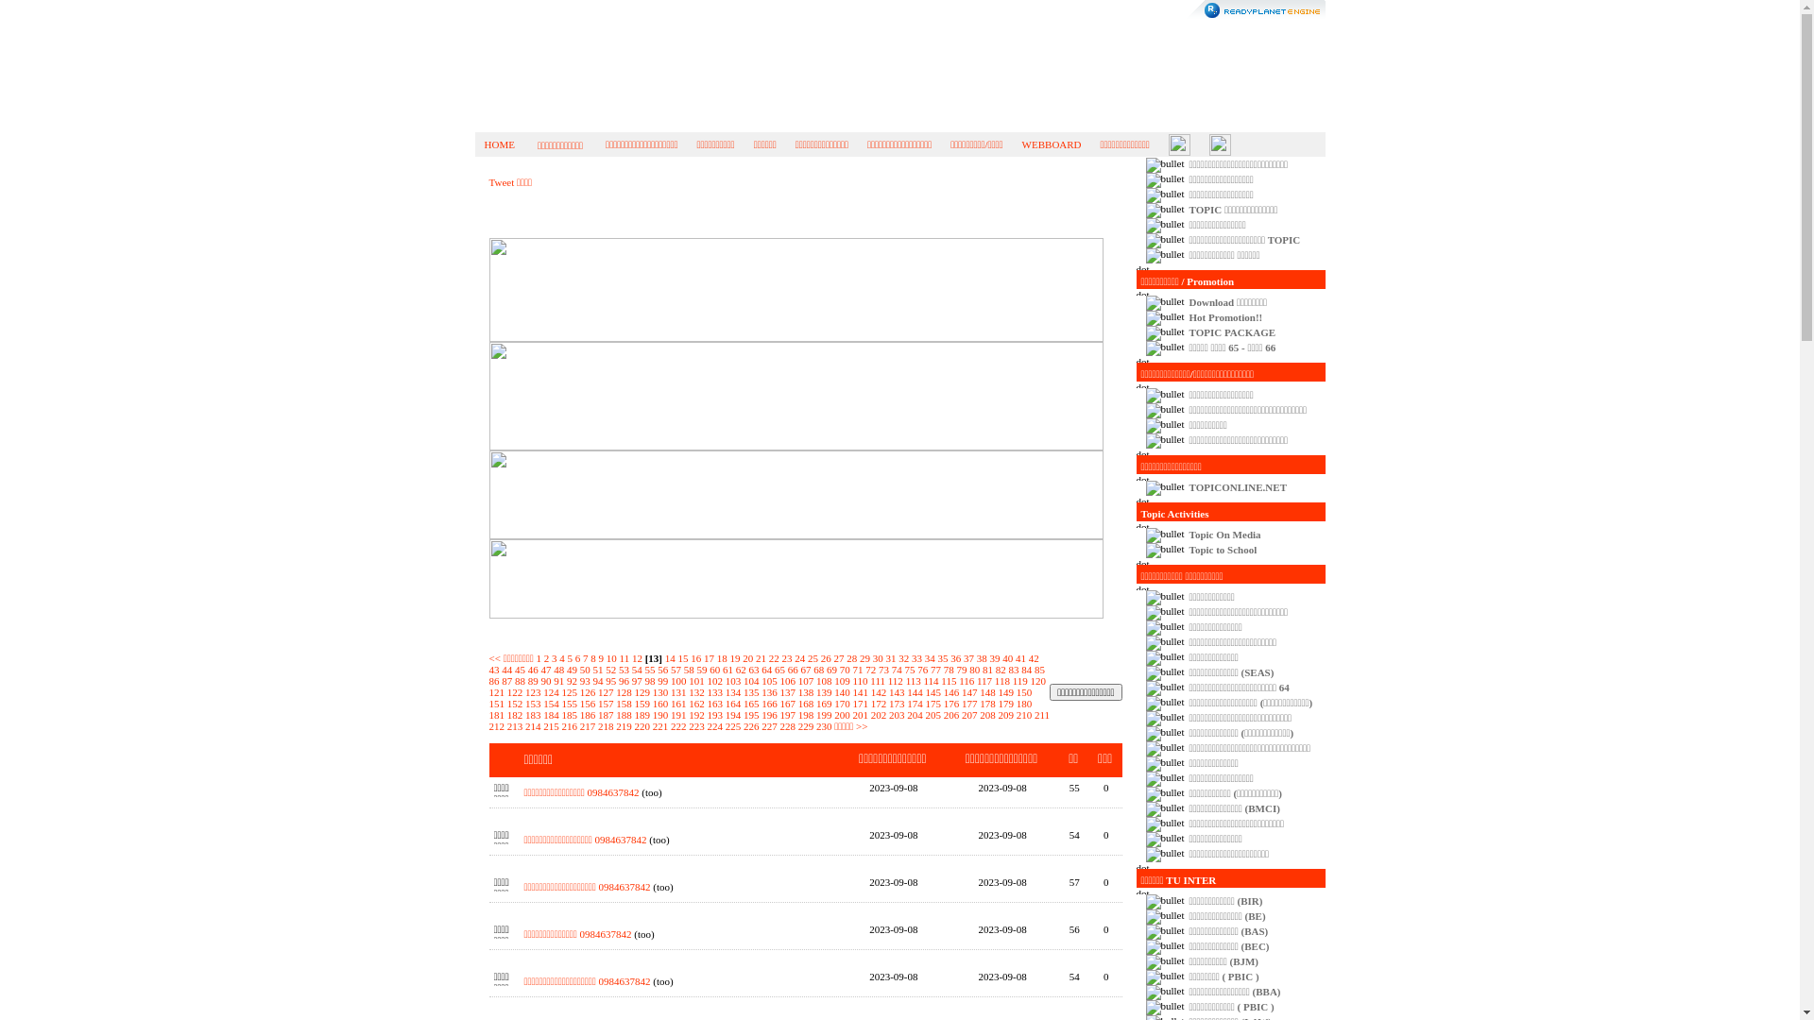 The width and height of the screenshot is (1814, 1020). What do you see at coordinates (911, 657) in the screenshot?
I see `'33'` at bounding box center [911, 657].